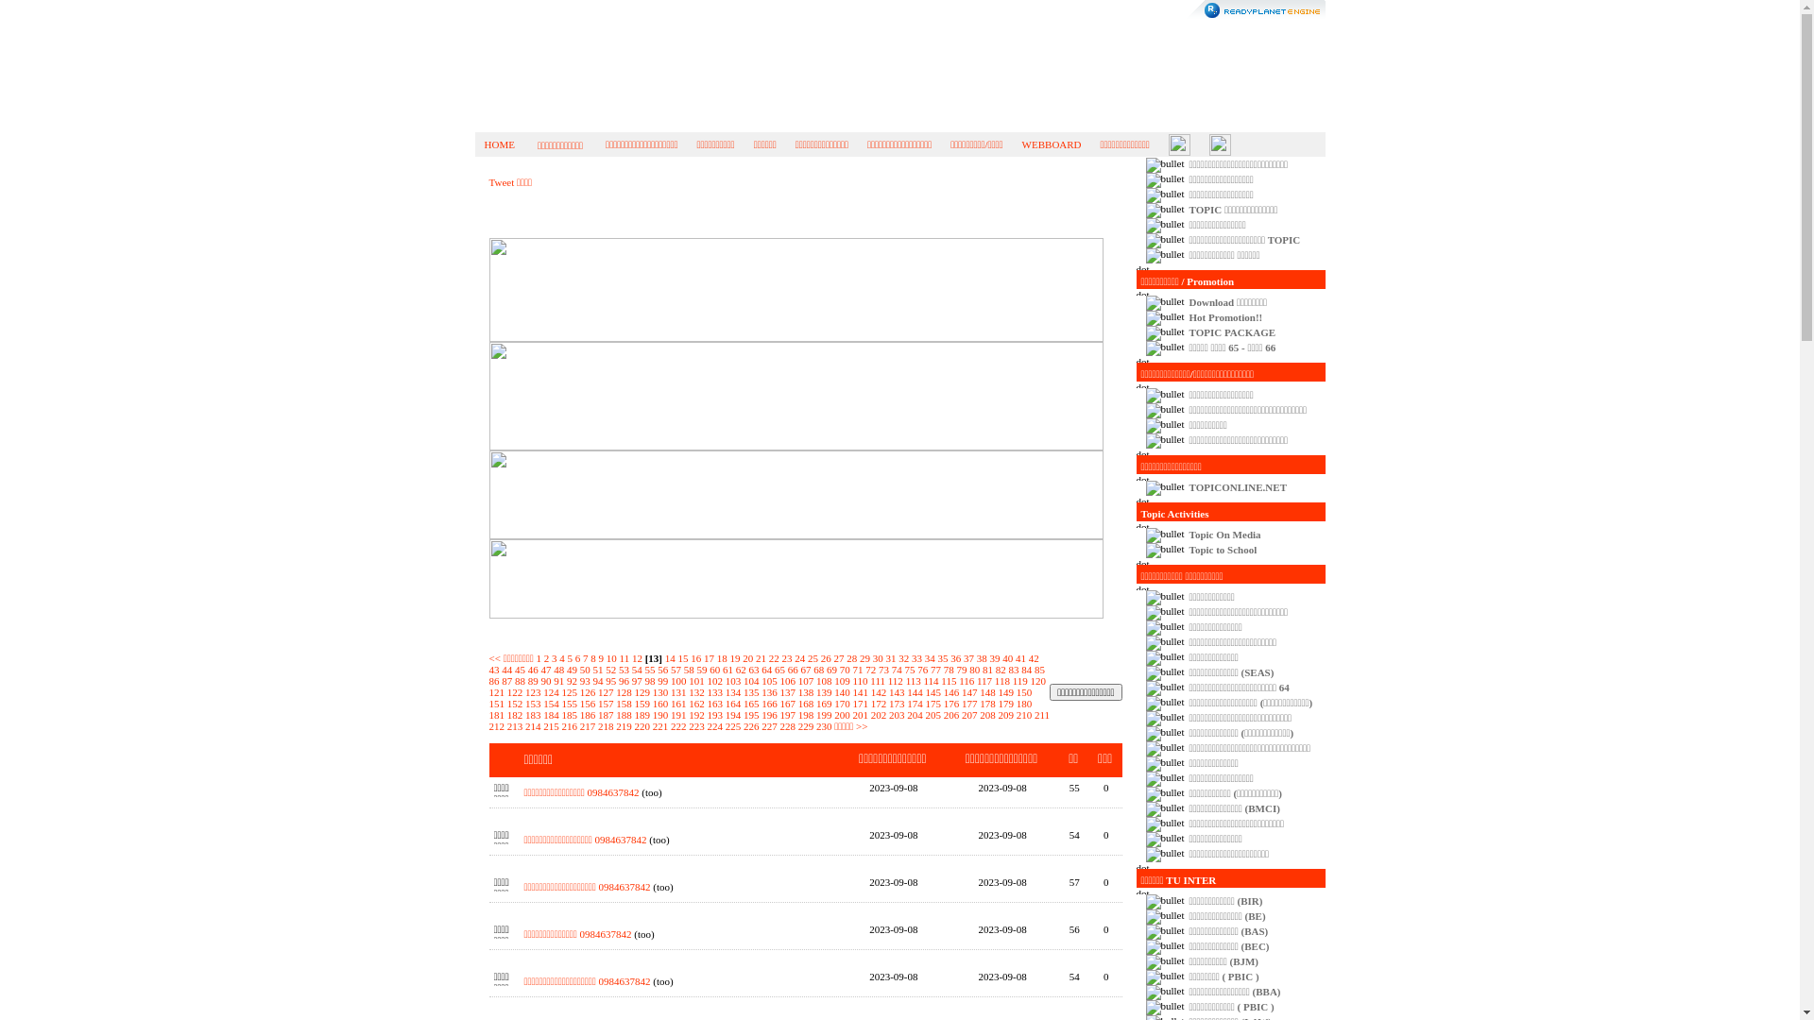 The width and height of the screenshot is (1814, 1020). What do you see at coordinates (911, 657) in the screenshot?
I see `'33'` at bounding box center [911, 657].